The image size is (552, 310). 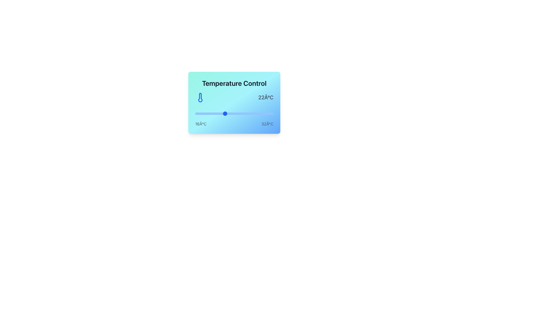 What do you see at coordinates (200, 97) in the screenshot?
I see `the vertical thermometer icon with a blue stroke and white interior, located within the 'Temperature Control' card layout` at bounding box center [200, 97].